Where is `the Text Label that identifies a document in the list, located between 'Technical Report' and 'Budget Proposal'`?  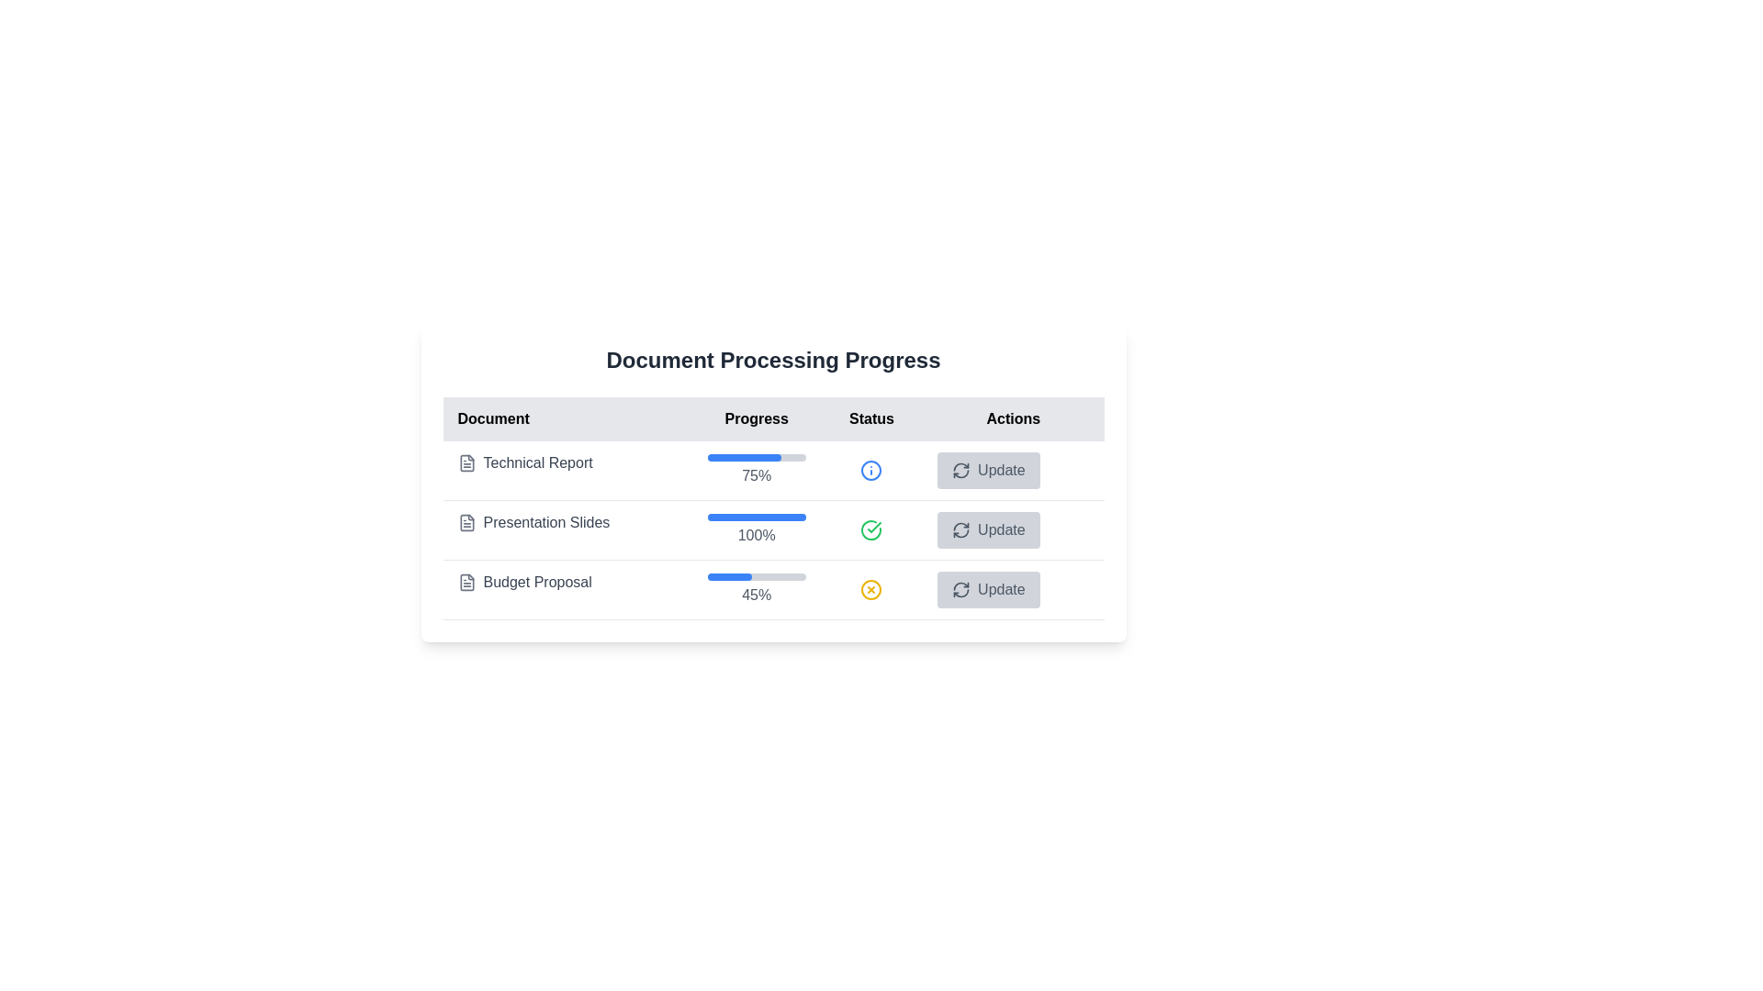 the Text Label that identifies a document in the list, located between 'Technical Report' and 'Budget Proposal' is located at coordinates (545, 523).